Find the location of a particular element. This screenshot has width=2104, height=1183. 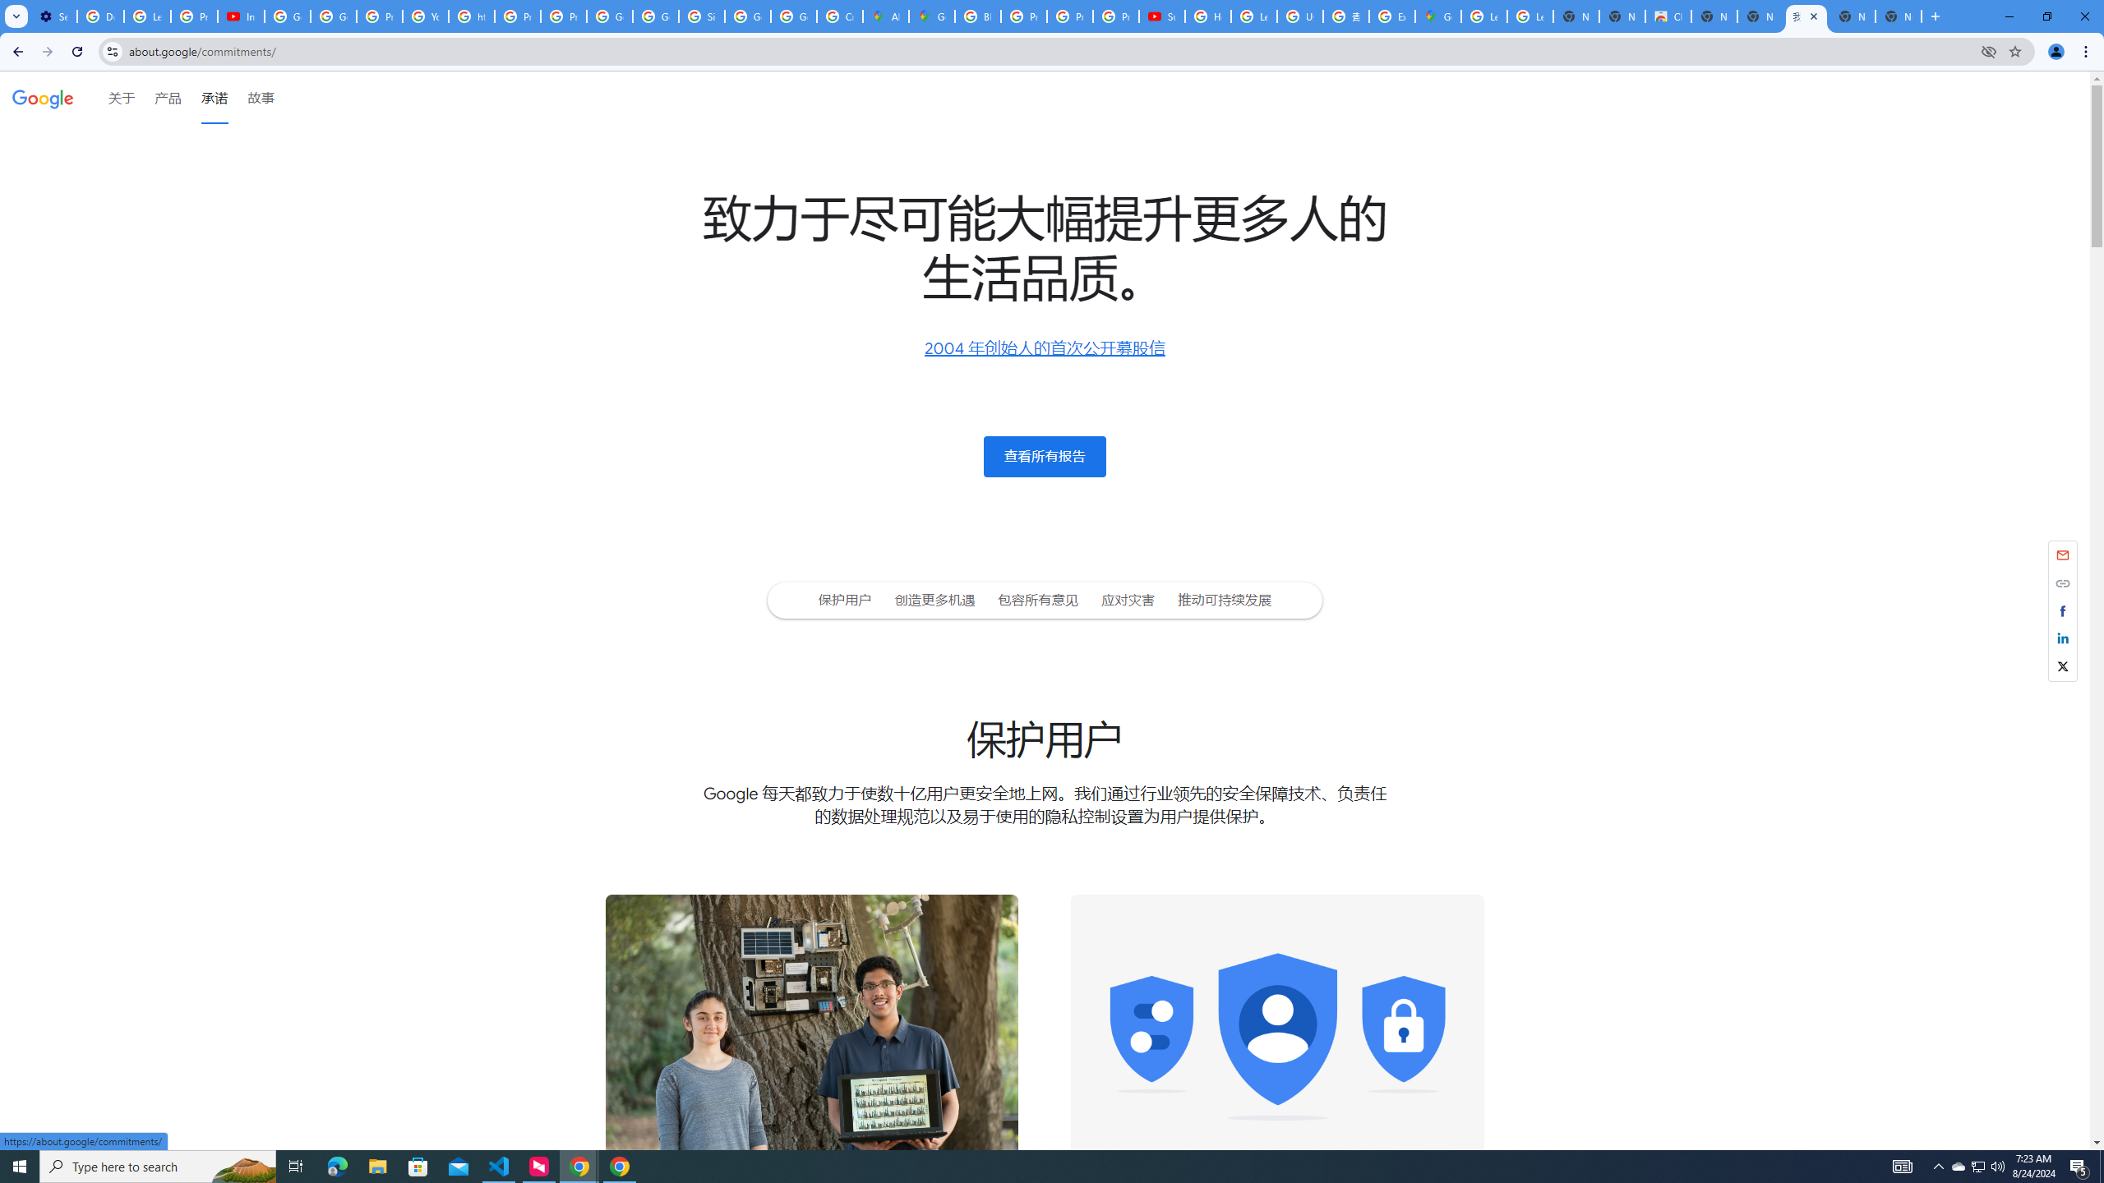

'New Tab' is located at coordinates (1899, 16).